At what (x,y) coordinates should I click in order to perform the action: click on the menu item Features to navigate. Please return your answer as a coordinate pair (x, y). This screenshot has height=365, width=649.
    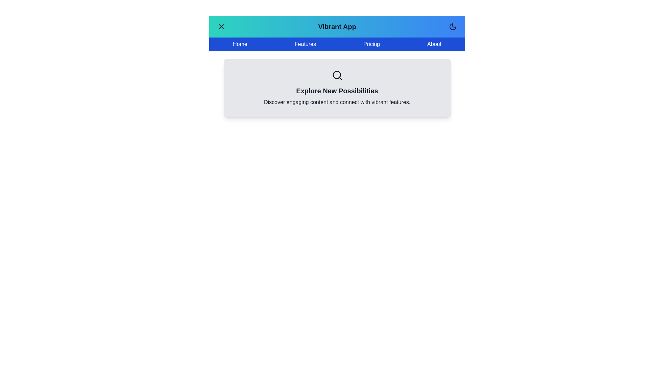
    Looking at the image, I should click on (305, 44).